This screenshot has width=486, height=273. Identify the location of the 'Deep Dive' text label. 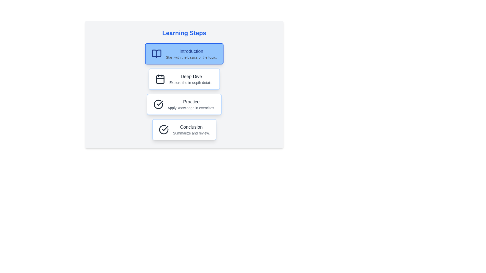
(191, 77).